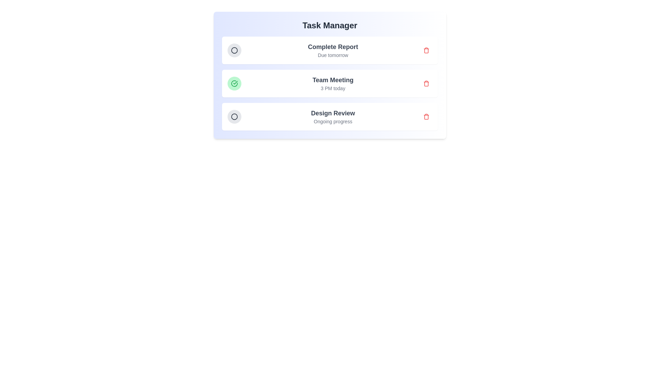 Image resolution: width=664 pixels, height=373 pixels. Describe the element at coordinates (330, 83) in the screenshot. I see `the second task entry in the Task Manager list` at that location.